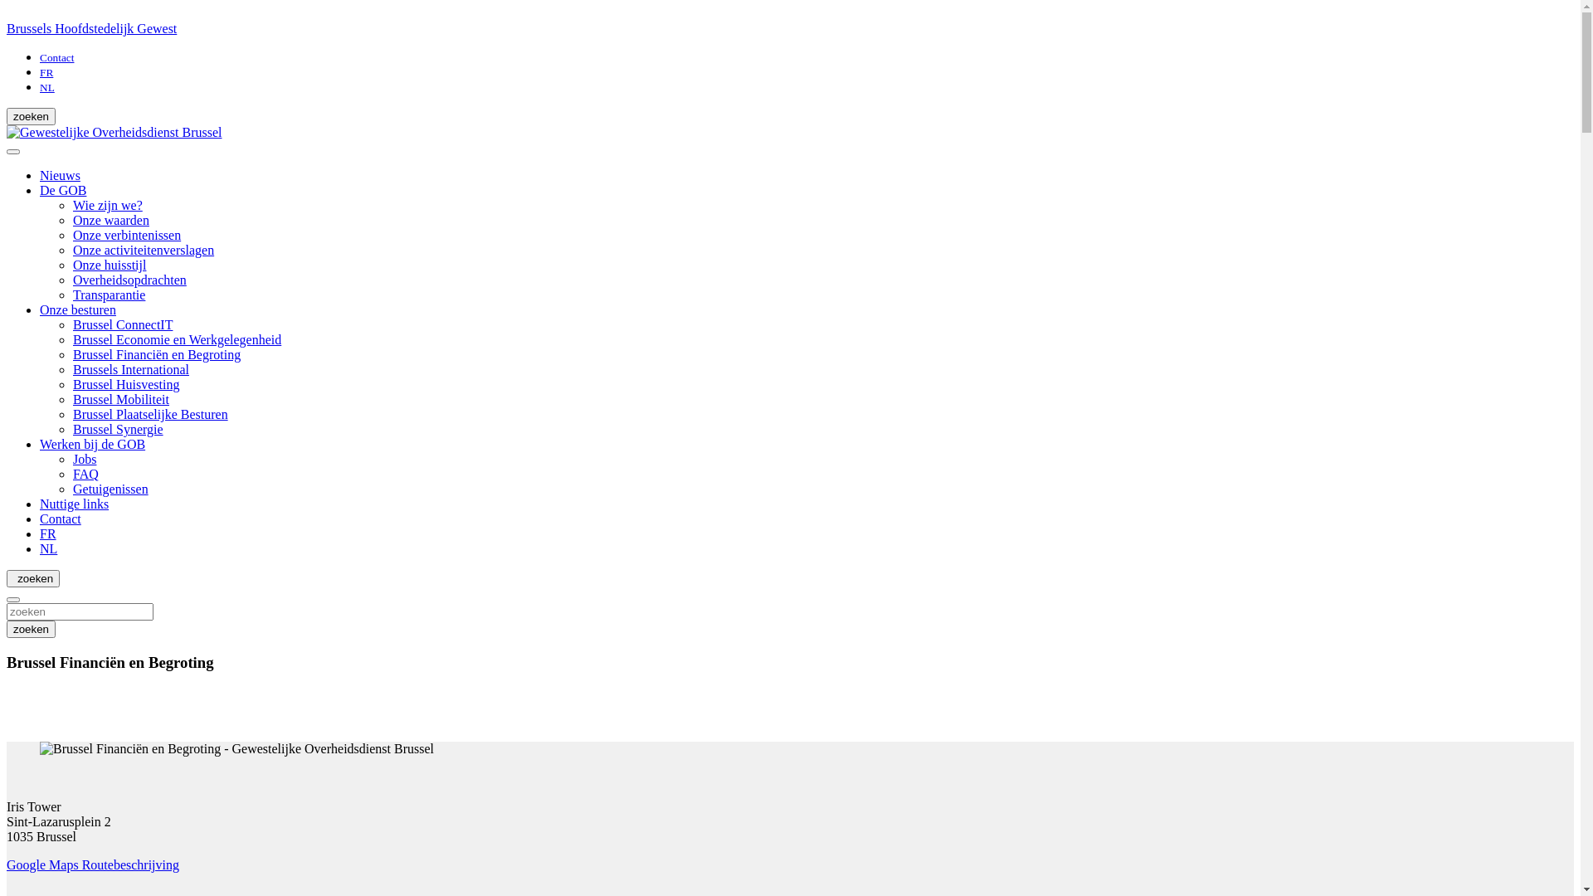  What do you see at coordinates (126, 235) in the screenshot?
I see `'Onze verbintenissen'` at bounding box center [126, 235].